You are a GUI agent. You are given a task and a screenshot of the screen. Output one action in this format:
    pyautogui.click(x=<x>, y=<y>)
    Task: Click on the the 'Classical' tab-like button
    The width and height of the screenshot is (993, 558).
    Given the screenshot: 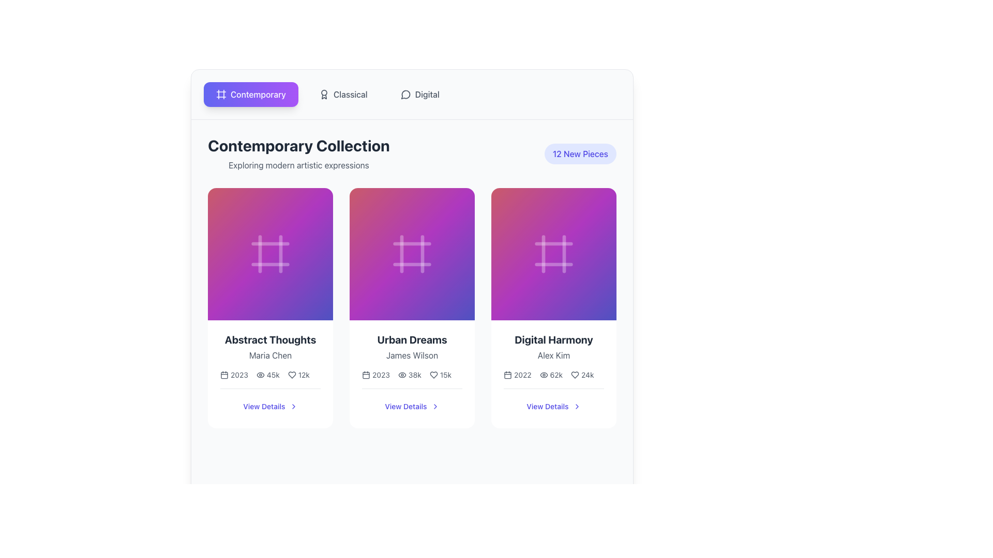 What is the action you would take?
    pyautogui.click(x=343, y=94)
    